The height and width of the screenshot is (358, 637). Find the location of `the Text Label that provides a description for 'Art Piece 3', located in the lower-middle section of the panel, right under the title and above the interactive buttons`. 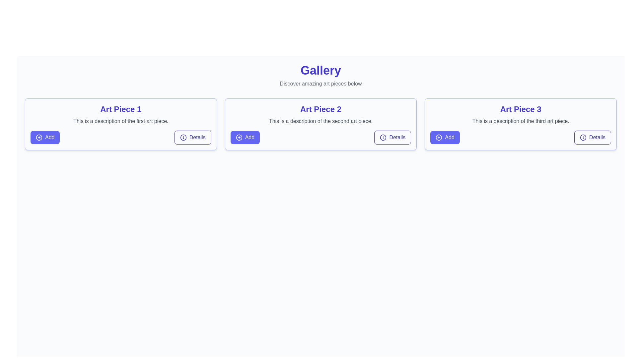

the Text Label that provides a description for 'Art Piece 3', located in the lower-middle section of the panel, right under the title and above the interactive buttons is located at coordinates (520, 121).